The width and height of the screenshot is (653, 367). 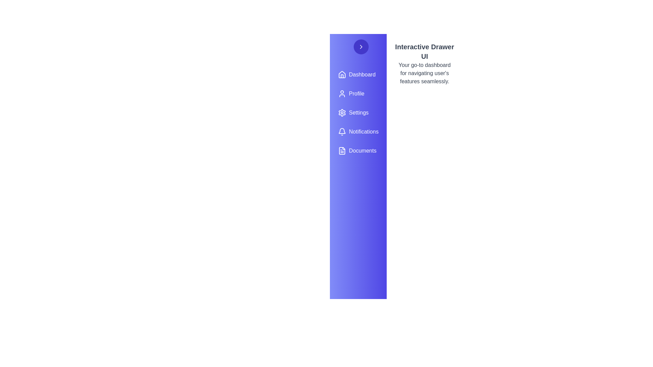 I want to click on the menu item Documents, so click(x=358, y=150).